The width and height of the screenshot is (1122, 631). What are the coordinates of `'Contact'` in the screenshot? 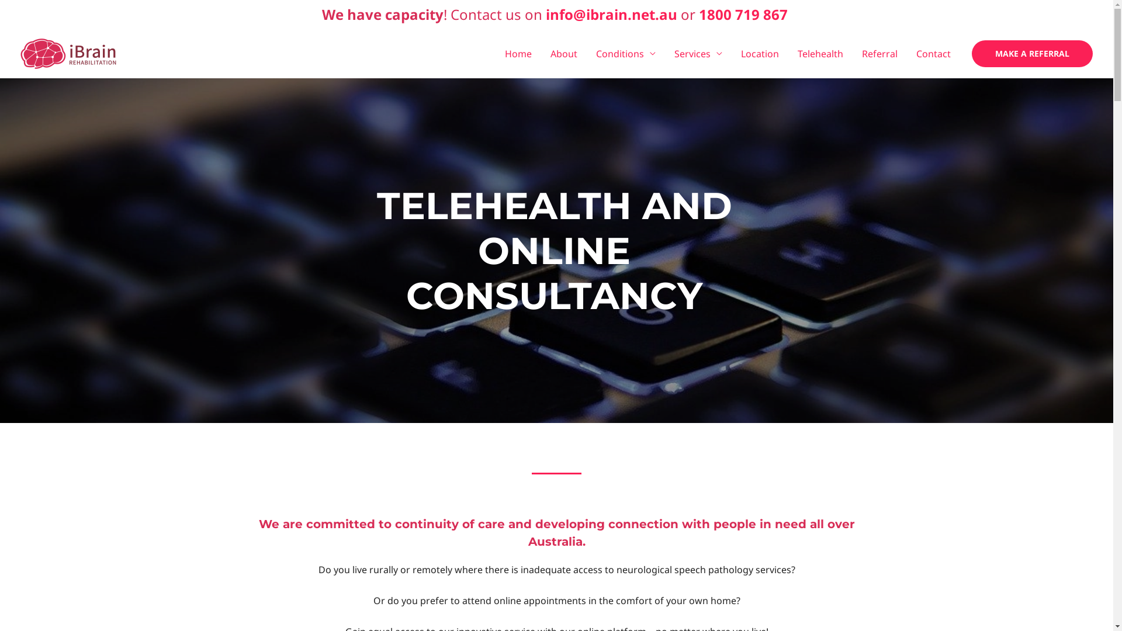 It's located at (933, 54).